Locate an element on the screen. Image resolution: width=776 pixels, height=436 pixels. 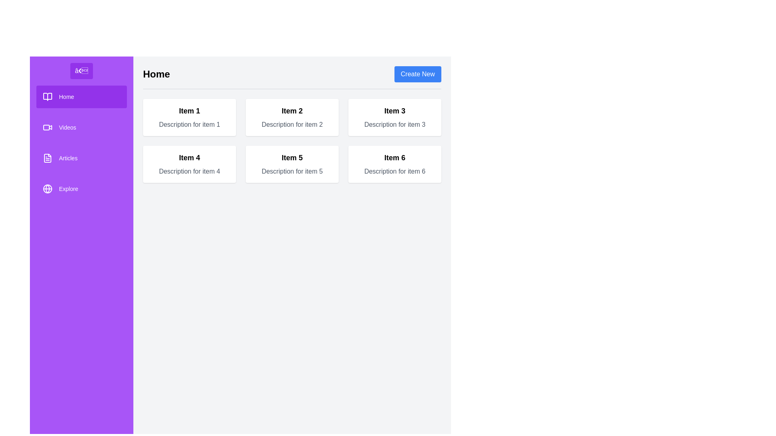
the Text Label element displaying 'Item 3', which is styled as a bold header and located above the description text within the third card in the grid is located at coordinates (395, 111).